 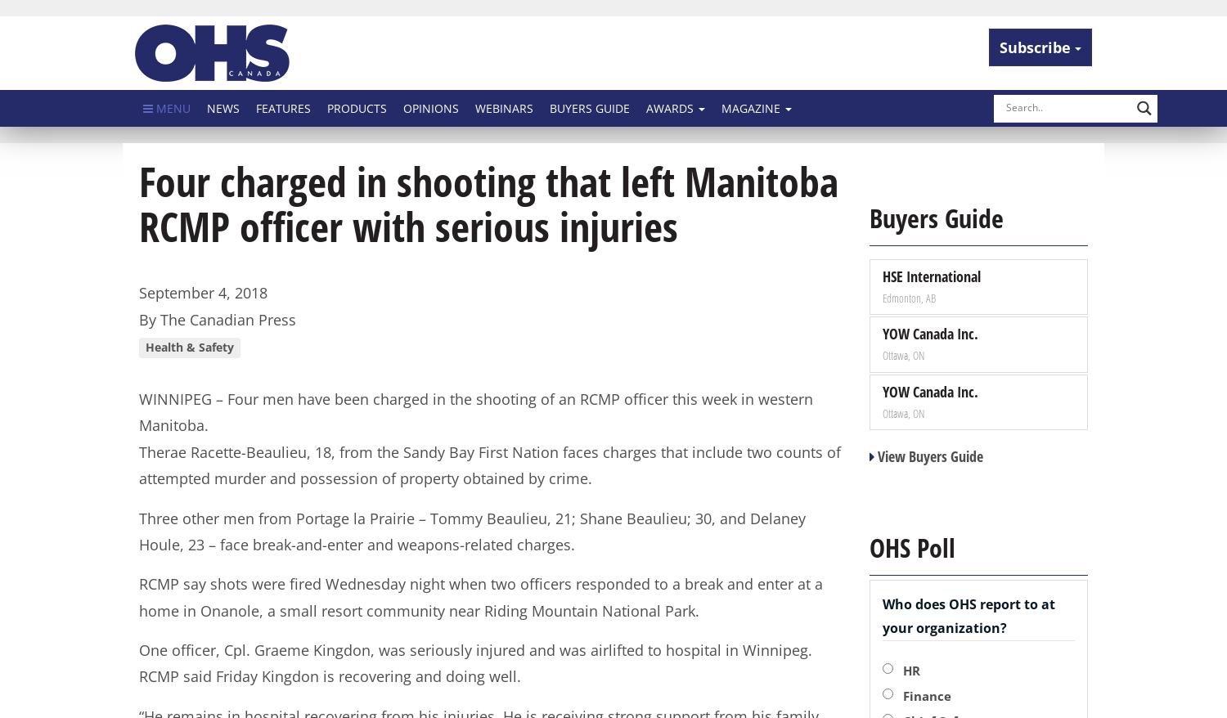 What do you see at coordinates (910, 668) in the screenshot?
I see `'HR'` at bounding box center [910, 668].